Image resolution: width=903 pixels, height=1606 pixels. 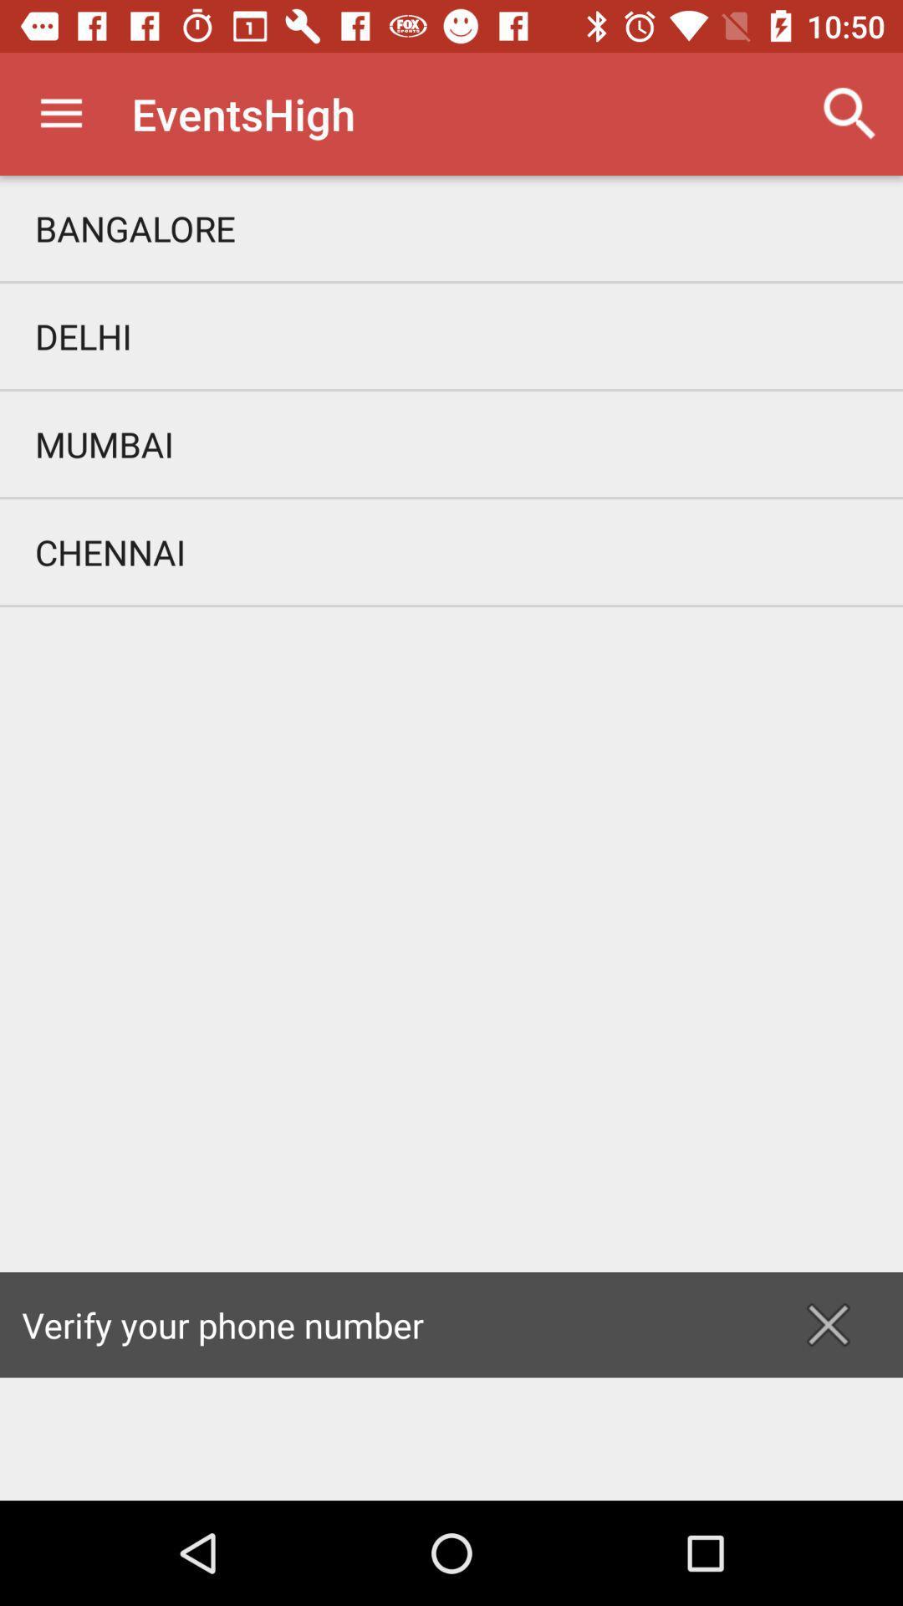 I want to click on the item at the top right corner, so click(x=850, y=113).